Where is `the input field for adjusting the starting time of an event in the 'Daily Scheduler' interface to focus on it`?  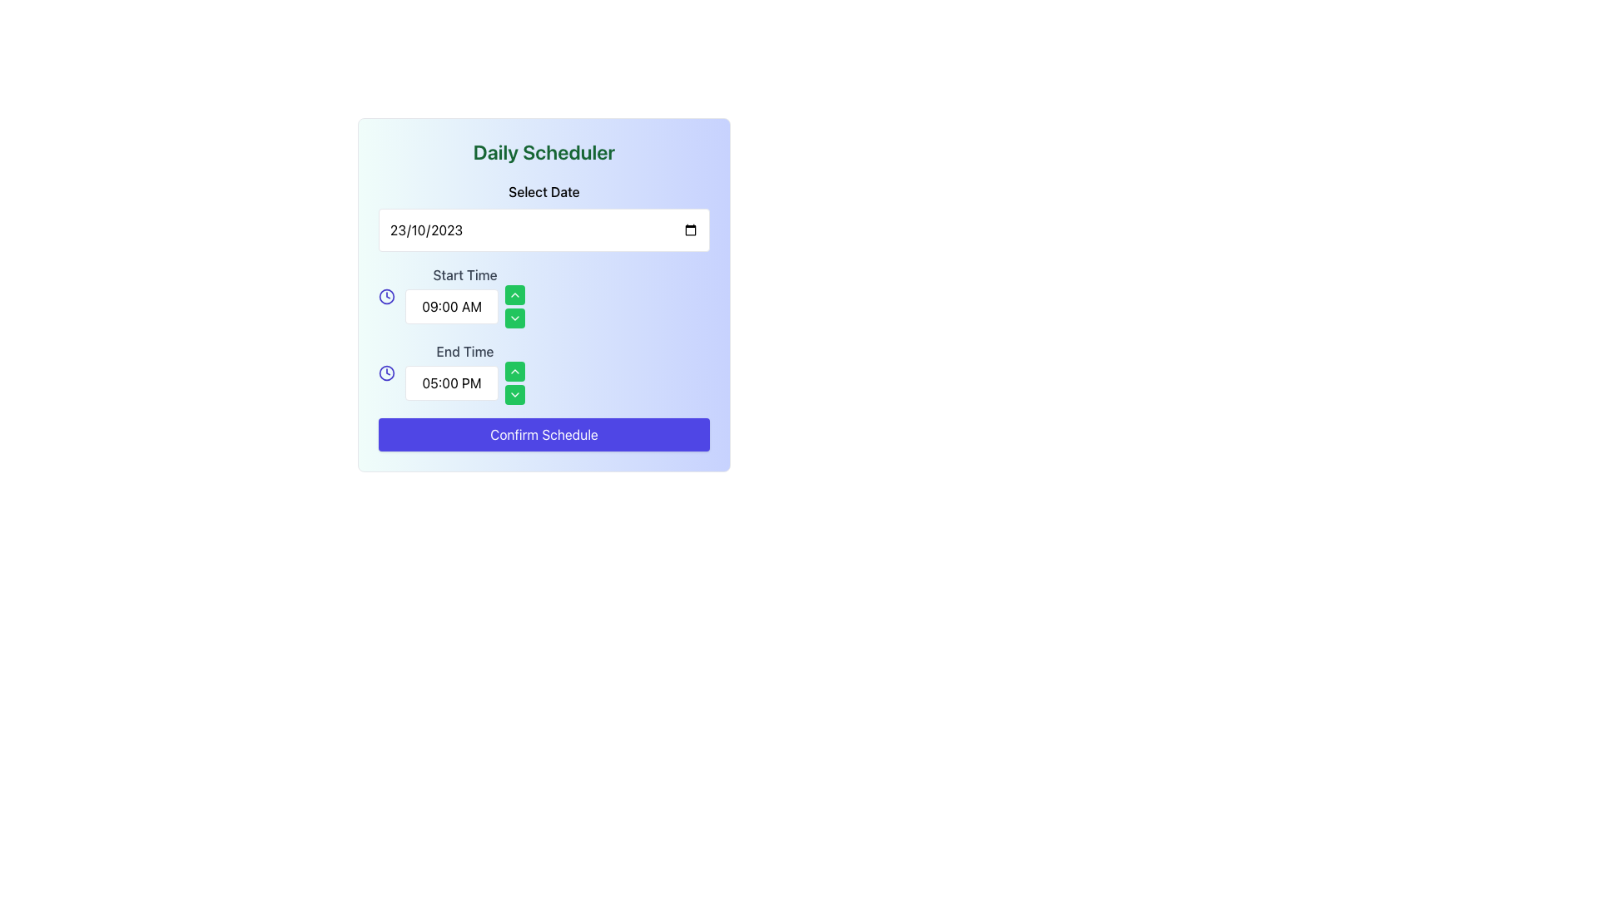
the input field for adjusting the starting time of an event in the 'Daily Scheduler' interface to focus on it is located at coordinates (464, 307).